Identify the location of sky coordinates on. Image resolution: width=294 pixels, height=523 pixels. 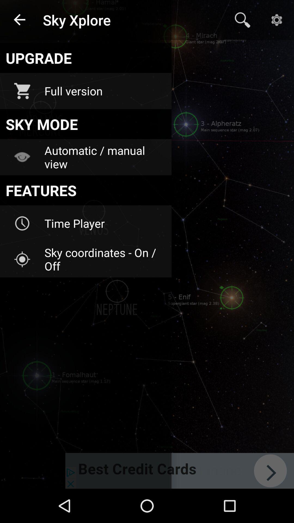
(104, 259).